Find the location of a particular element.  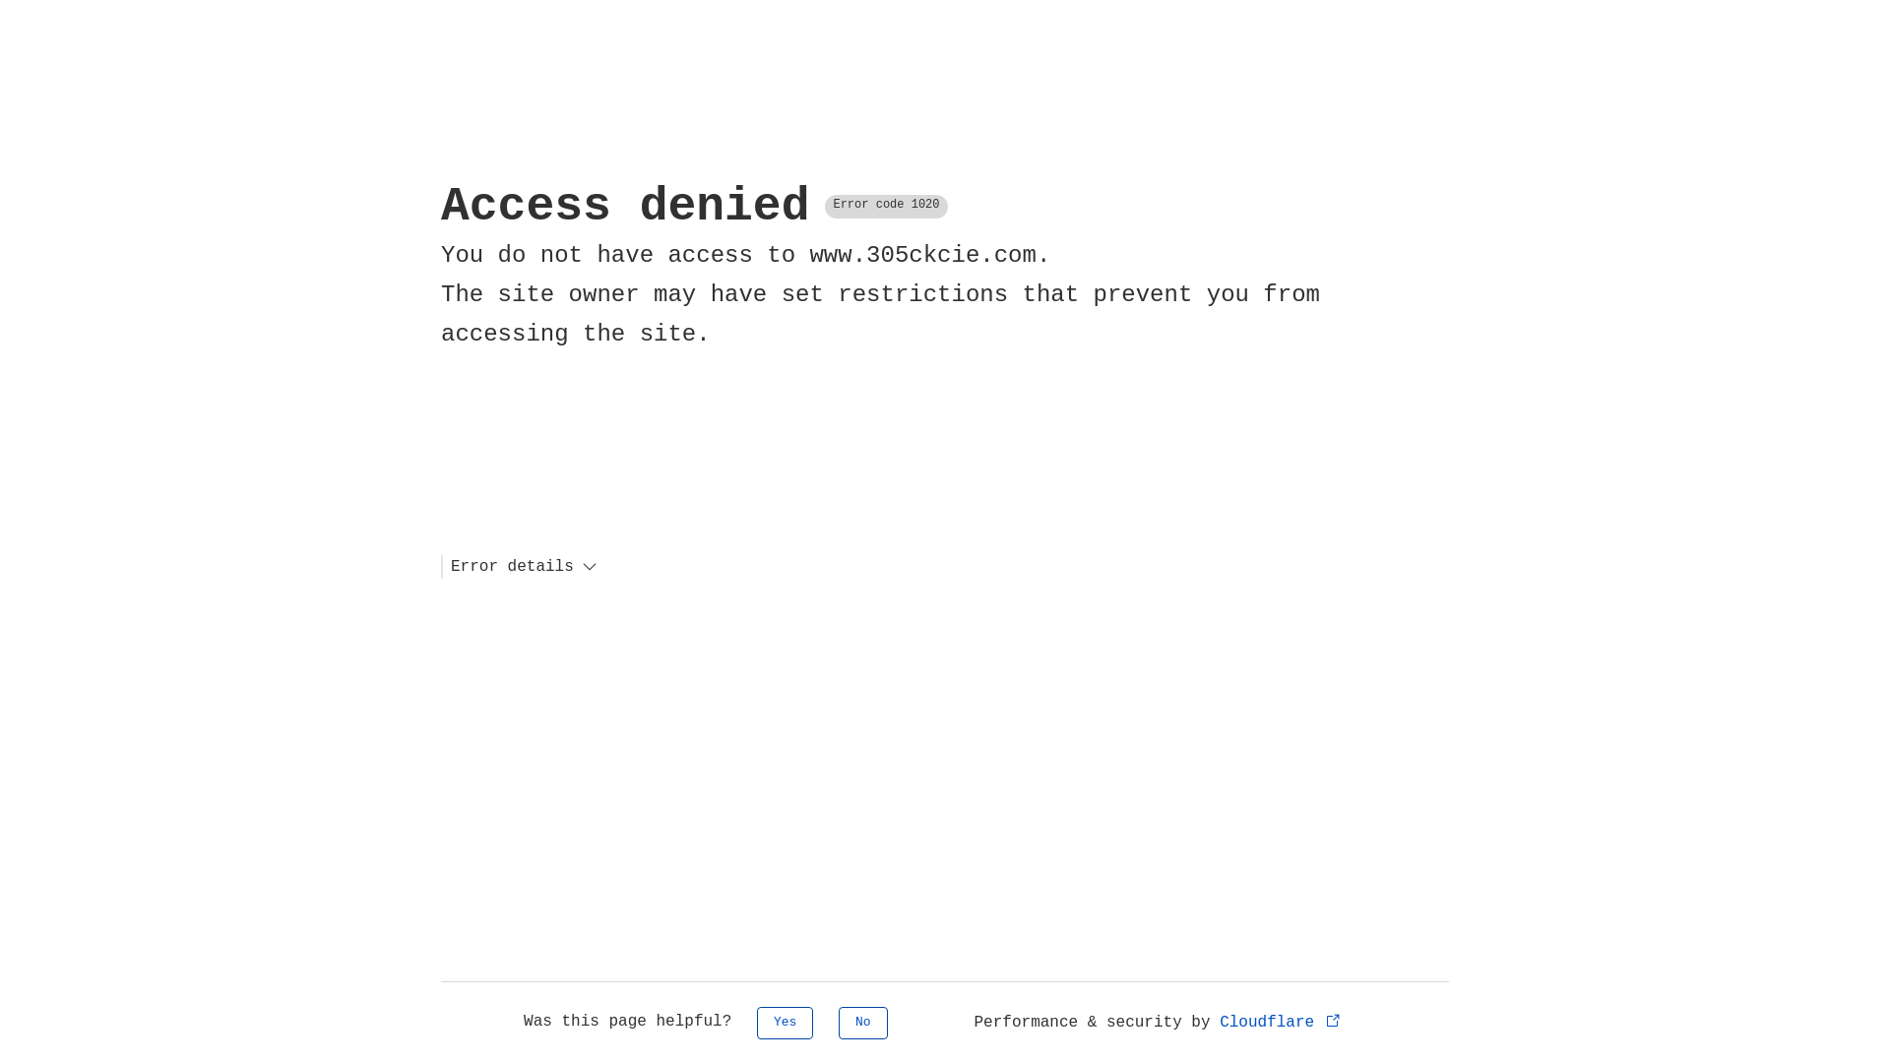

'Opens in new tab' is located at coordinates (1333, 1019).